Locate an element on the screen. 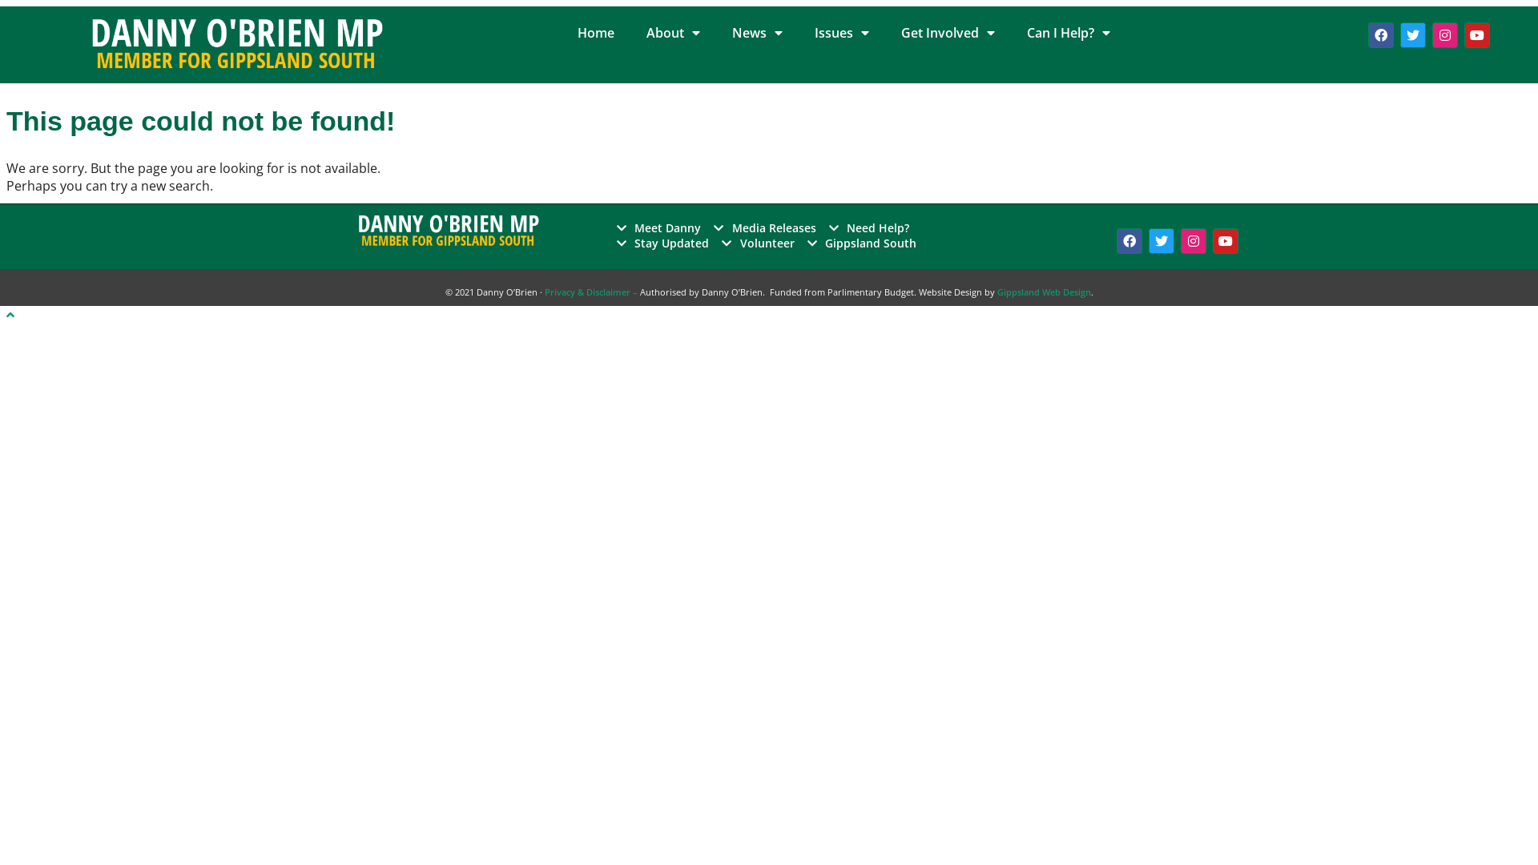 The width and height of the screenshot is (1538, 865). 'Get Involved' is located at coordinates (884, 33).